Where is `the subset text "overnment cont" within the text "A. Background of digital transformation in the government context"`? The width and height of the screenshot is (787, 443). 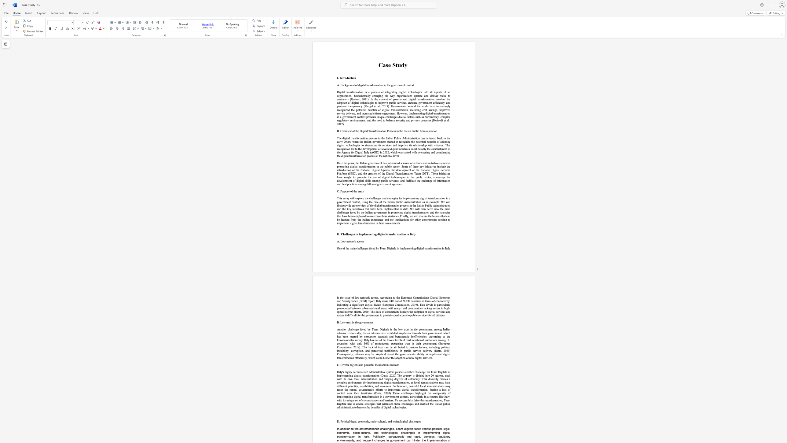 the subset text "overnment cont" within the text "A. Background of digital transformation in the government context" is located at coordinates (392, 85).